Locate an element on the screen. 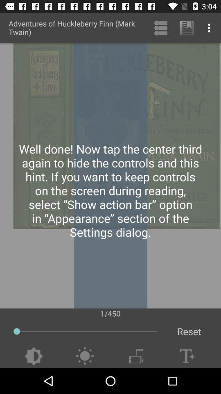 This screenshot has height=394, width=221. set font size is located at coordinates (187, 356).